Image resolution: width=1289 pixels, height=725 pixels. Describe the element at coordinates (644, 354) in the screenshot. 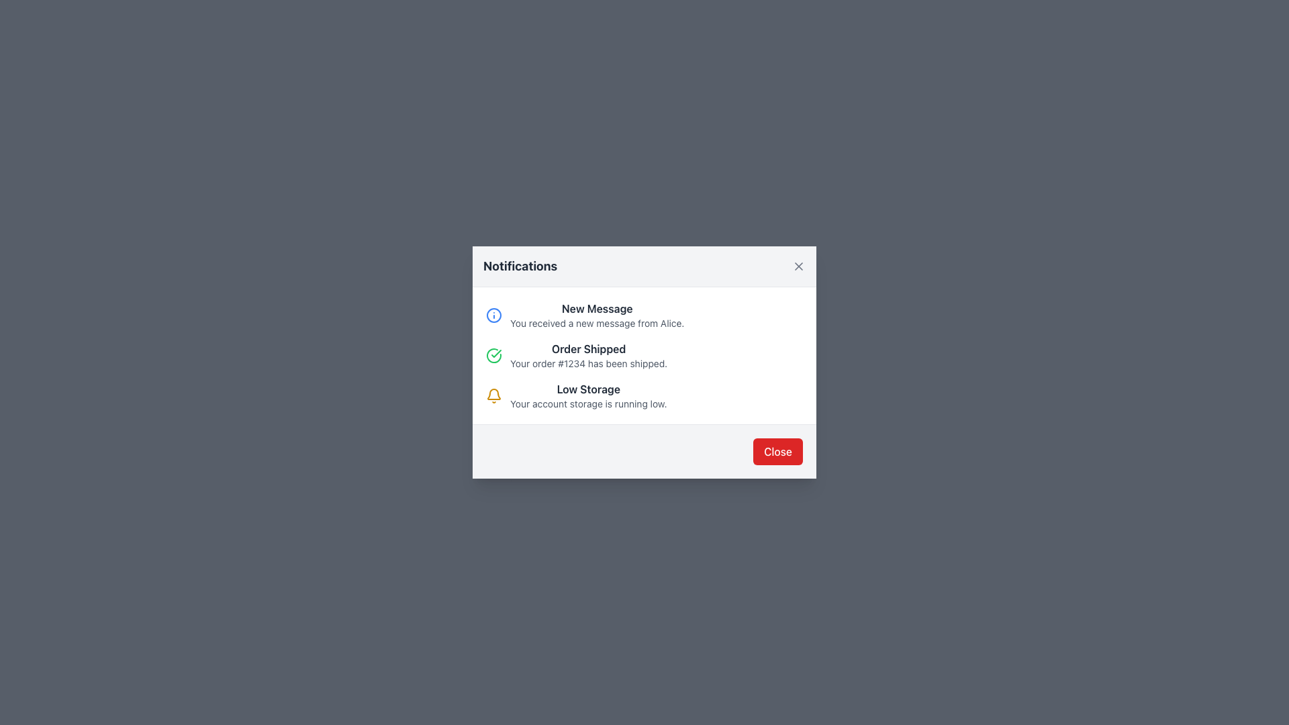

I see `the Notification panel containing three notification items, each with distinct icons and titles, located in the central modal window` at that location.